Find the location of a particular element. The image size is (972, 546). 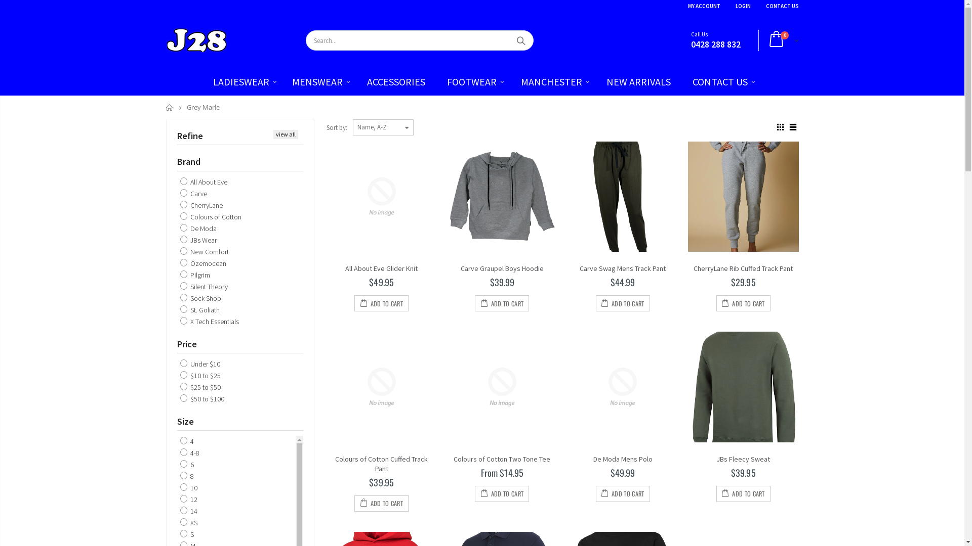

'LADIESWEAR' is located at coordinates (241, 81).